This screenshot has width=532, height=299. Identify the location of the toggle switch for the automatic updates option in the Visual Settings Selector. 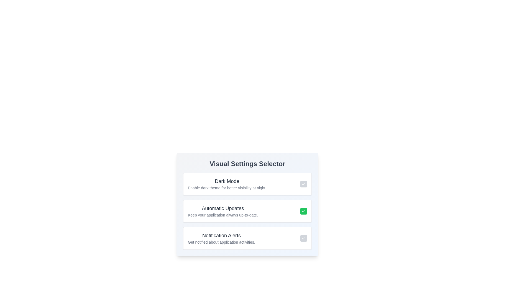
(247, 211).